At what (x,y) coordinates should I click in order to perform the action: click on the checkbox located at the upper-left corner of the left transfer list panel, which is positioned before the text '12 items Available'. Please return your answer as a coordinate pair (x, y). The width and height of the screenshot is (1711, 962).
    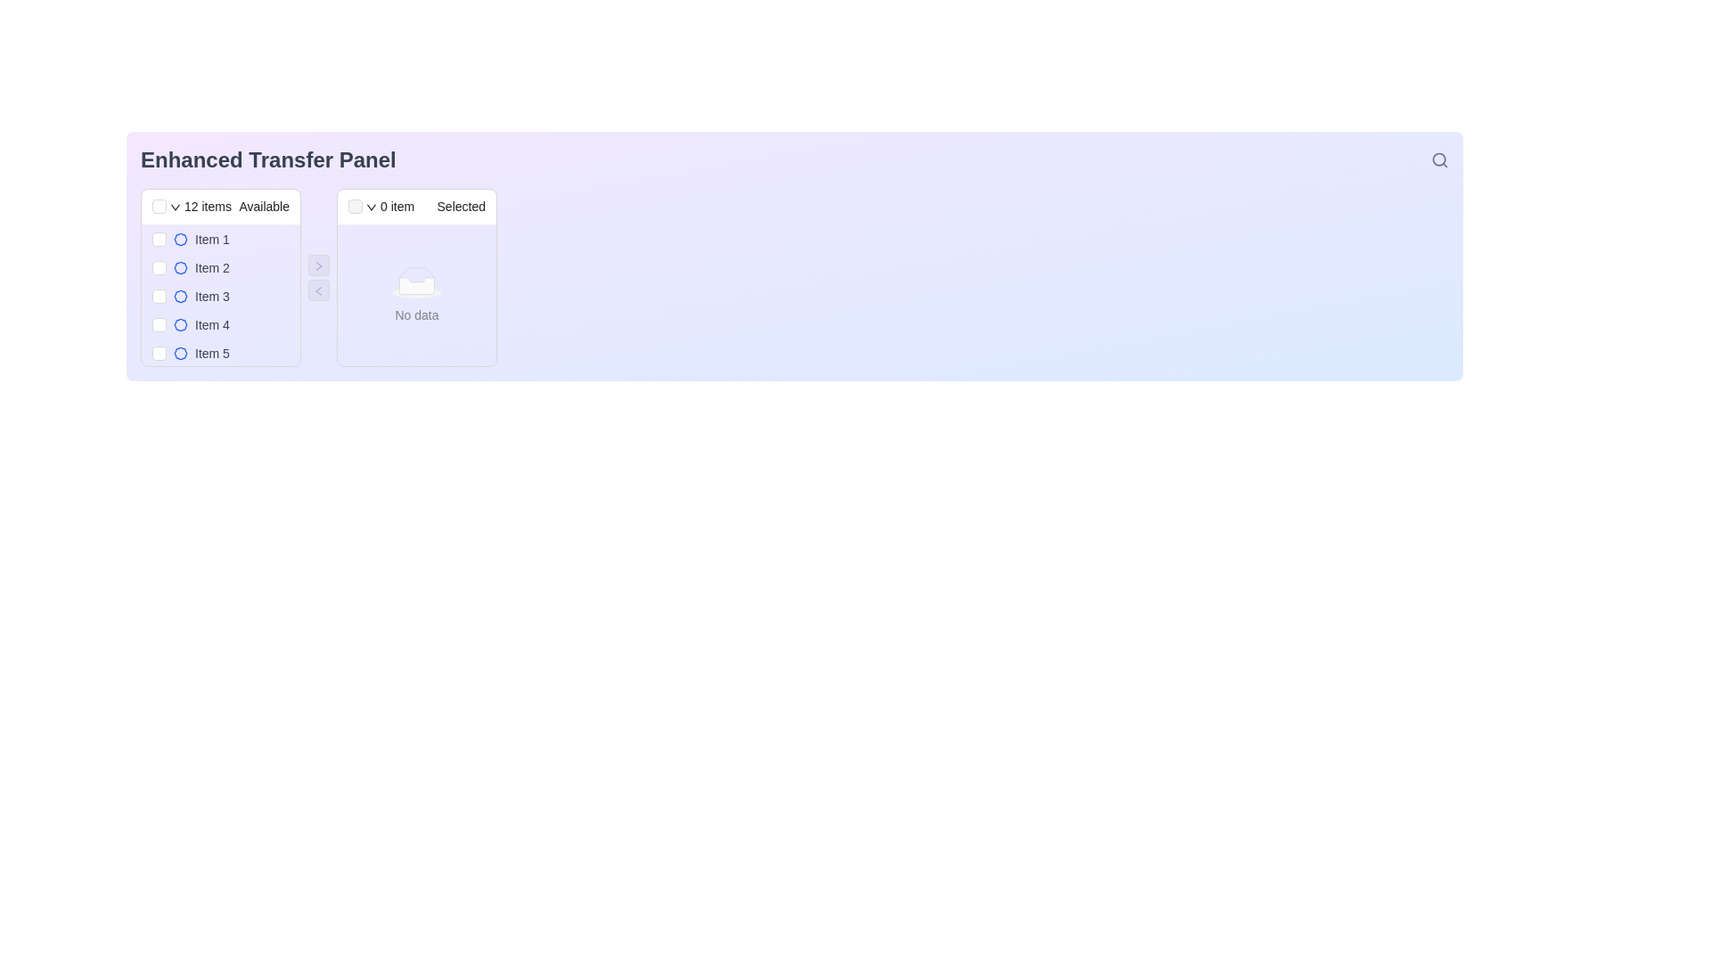
    Looking at the image, I should click on (159, 205).